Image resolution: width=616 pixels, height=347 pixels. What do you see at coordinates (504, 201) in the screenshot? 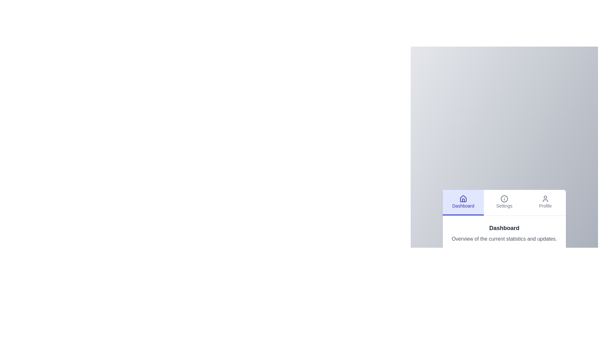
I see `the tab labeled Settings to view its content` at bounding box center [504, 201].